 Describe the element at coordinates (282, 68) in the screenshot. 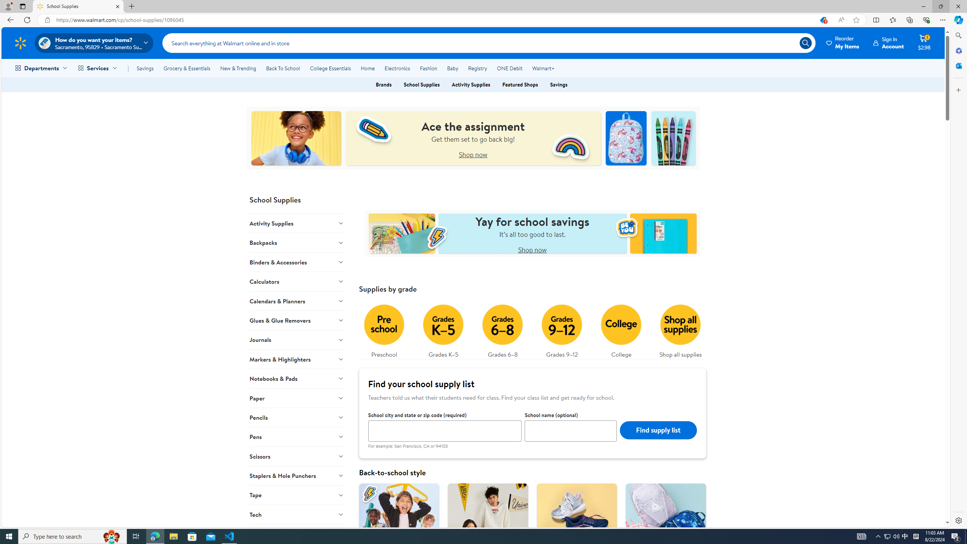

I see `'Back To School'` at that location.